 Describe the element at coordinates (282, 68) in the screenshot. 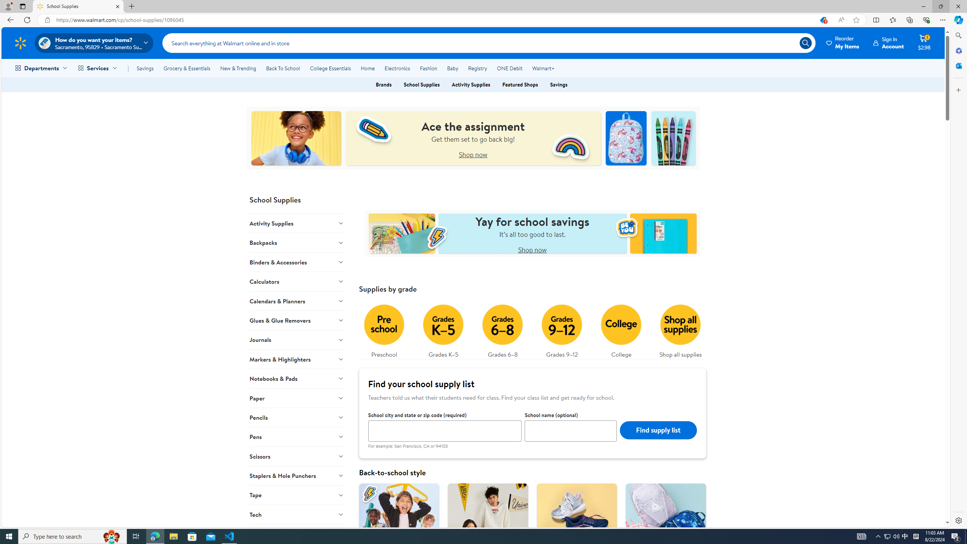

I see `'Back To School'` at that location.